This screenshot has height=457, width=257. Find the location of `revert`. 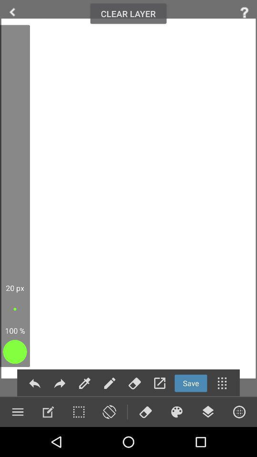

revert is located at coordinates (59, 383).